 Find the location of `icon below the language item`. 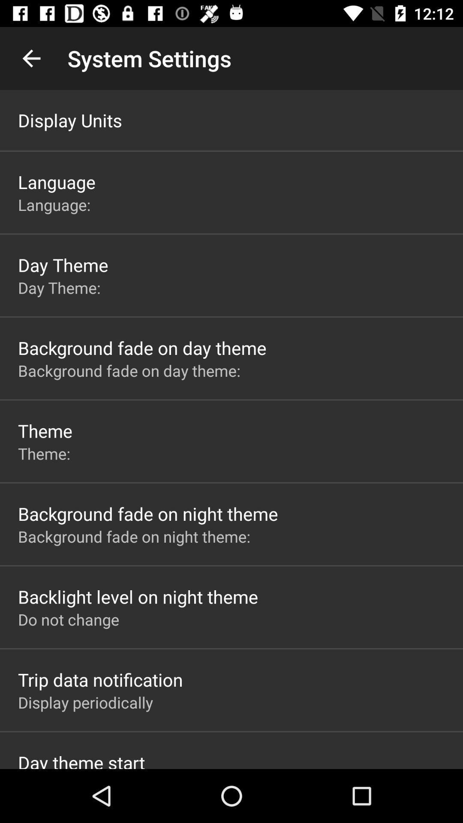

icon below the language item is located at coordinates (56, 204).